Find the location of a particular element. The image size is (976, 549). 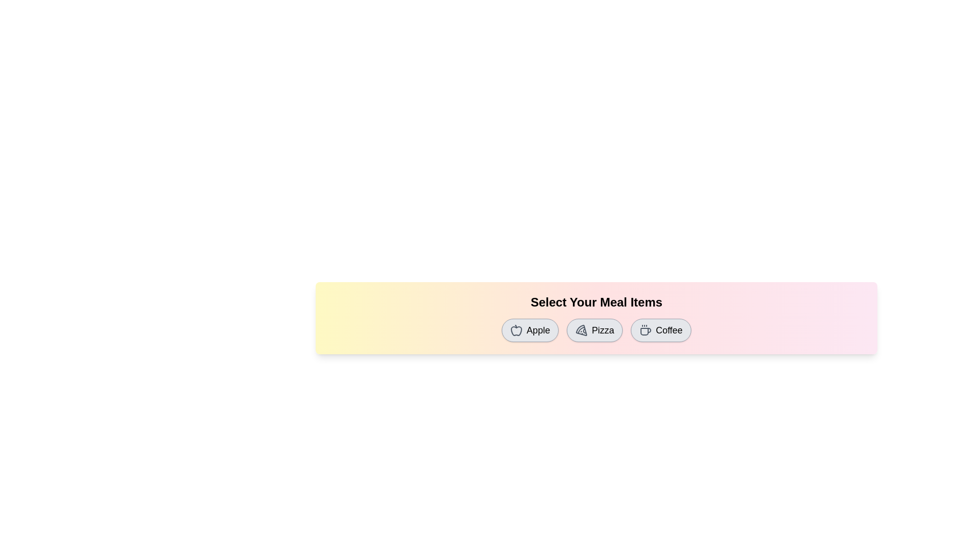

the meal item Apple by clicking its button is located at coordinates (530, 330).